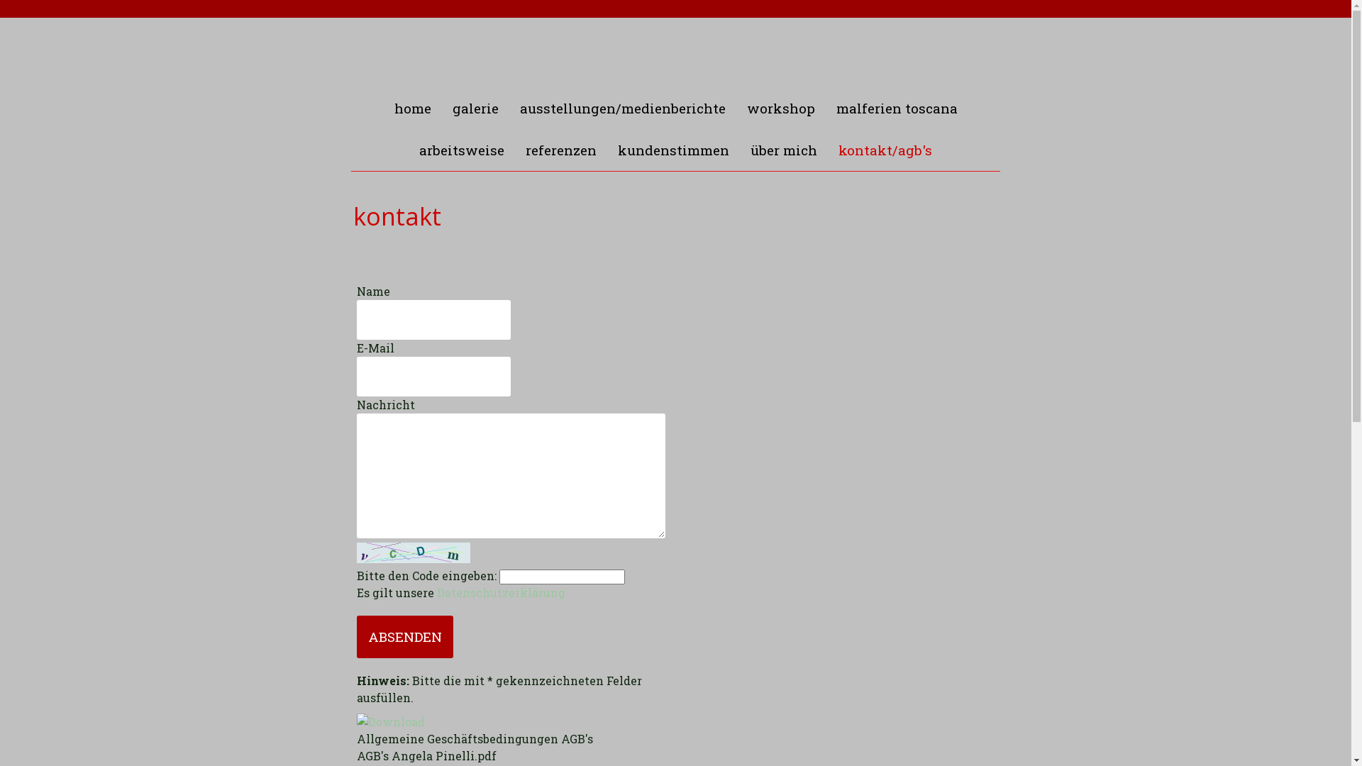 This screenshot has width=1362, height=766. What do you see at coordinates (672, 150) in the screenshot?
I see `'kundenstimmen'` at bounding box center [672, 150].